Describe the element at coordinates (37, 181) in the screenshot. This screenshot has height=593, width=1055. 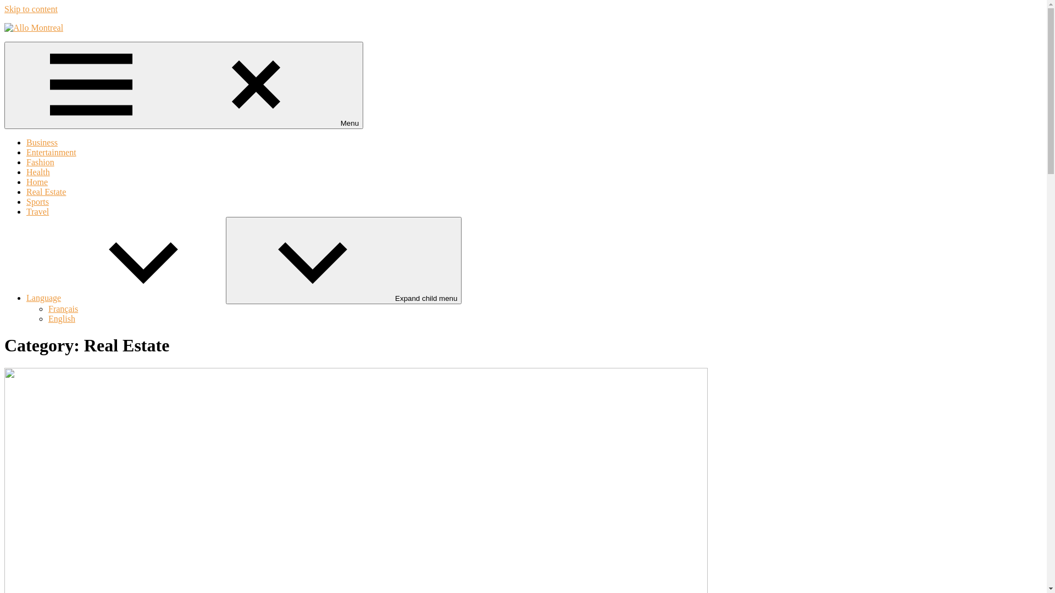
I see `'Home'` at that location.